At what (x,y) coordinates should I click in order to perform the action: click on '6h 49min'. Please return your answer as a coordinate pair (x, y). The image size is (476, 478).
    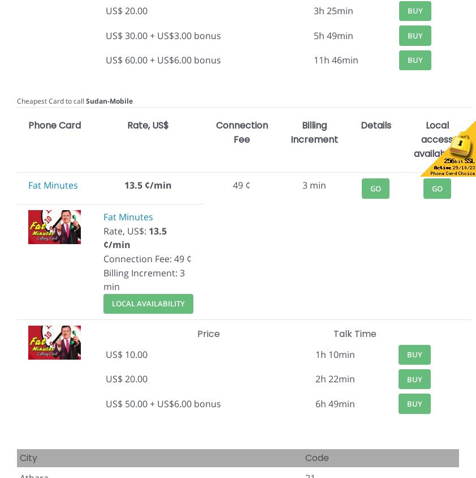
    Looking at the image, I should click on (335, 402).